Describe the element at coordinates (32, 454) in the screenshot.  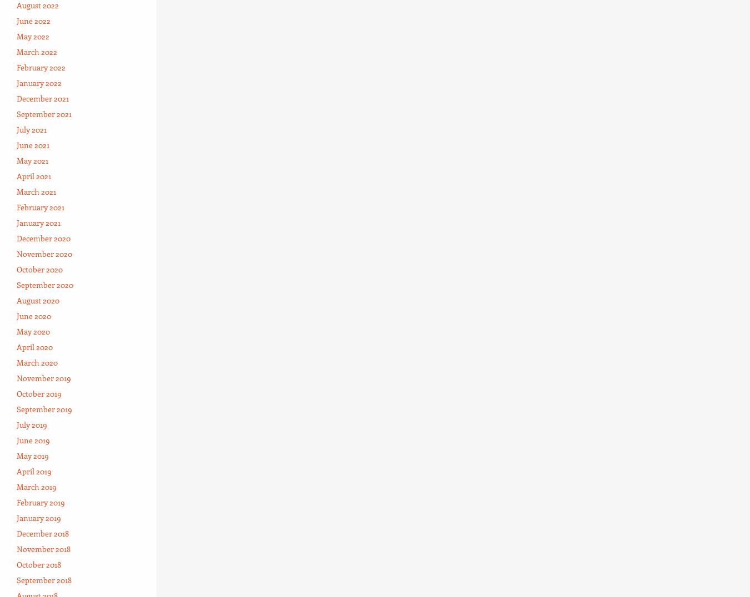
I see `'May 2019'` at that location.